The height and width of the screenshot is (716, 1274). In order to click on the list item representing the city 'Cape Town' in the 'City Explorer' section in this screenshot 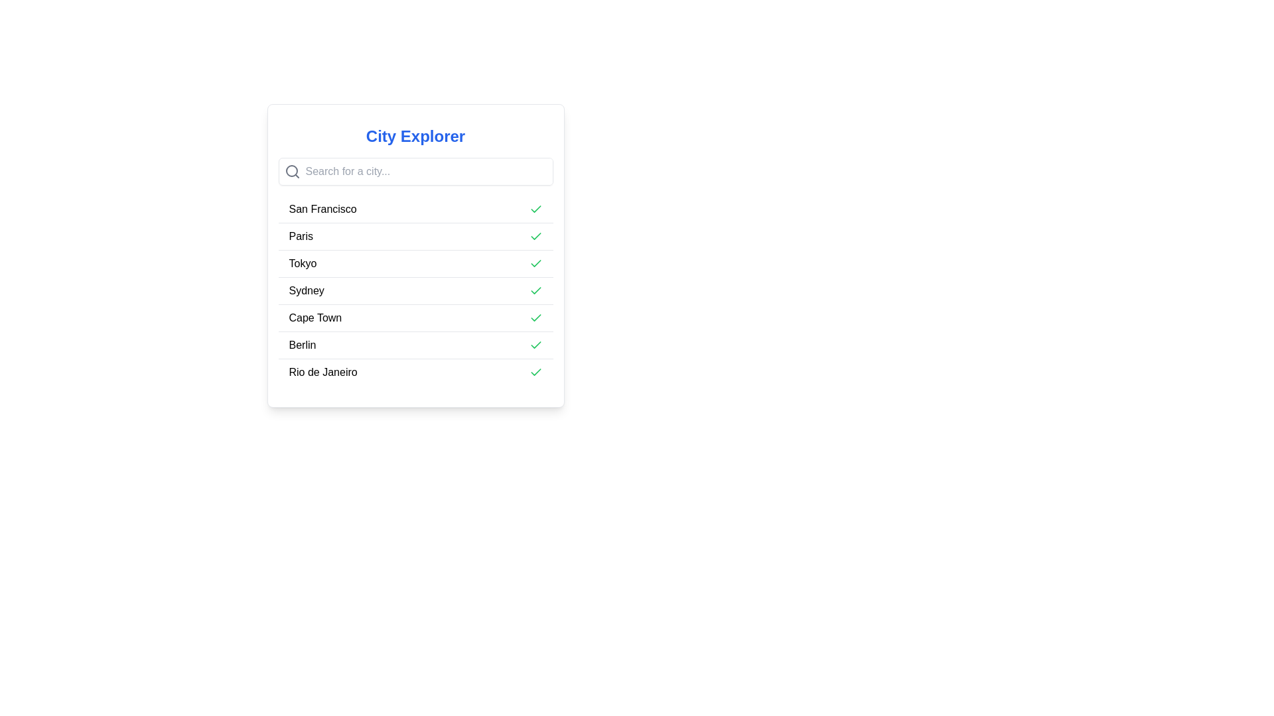, I will do `click(415, 318)`.